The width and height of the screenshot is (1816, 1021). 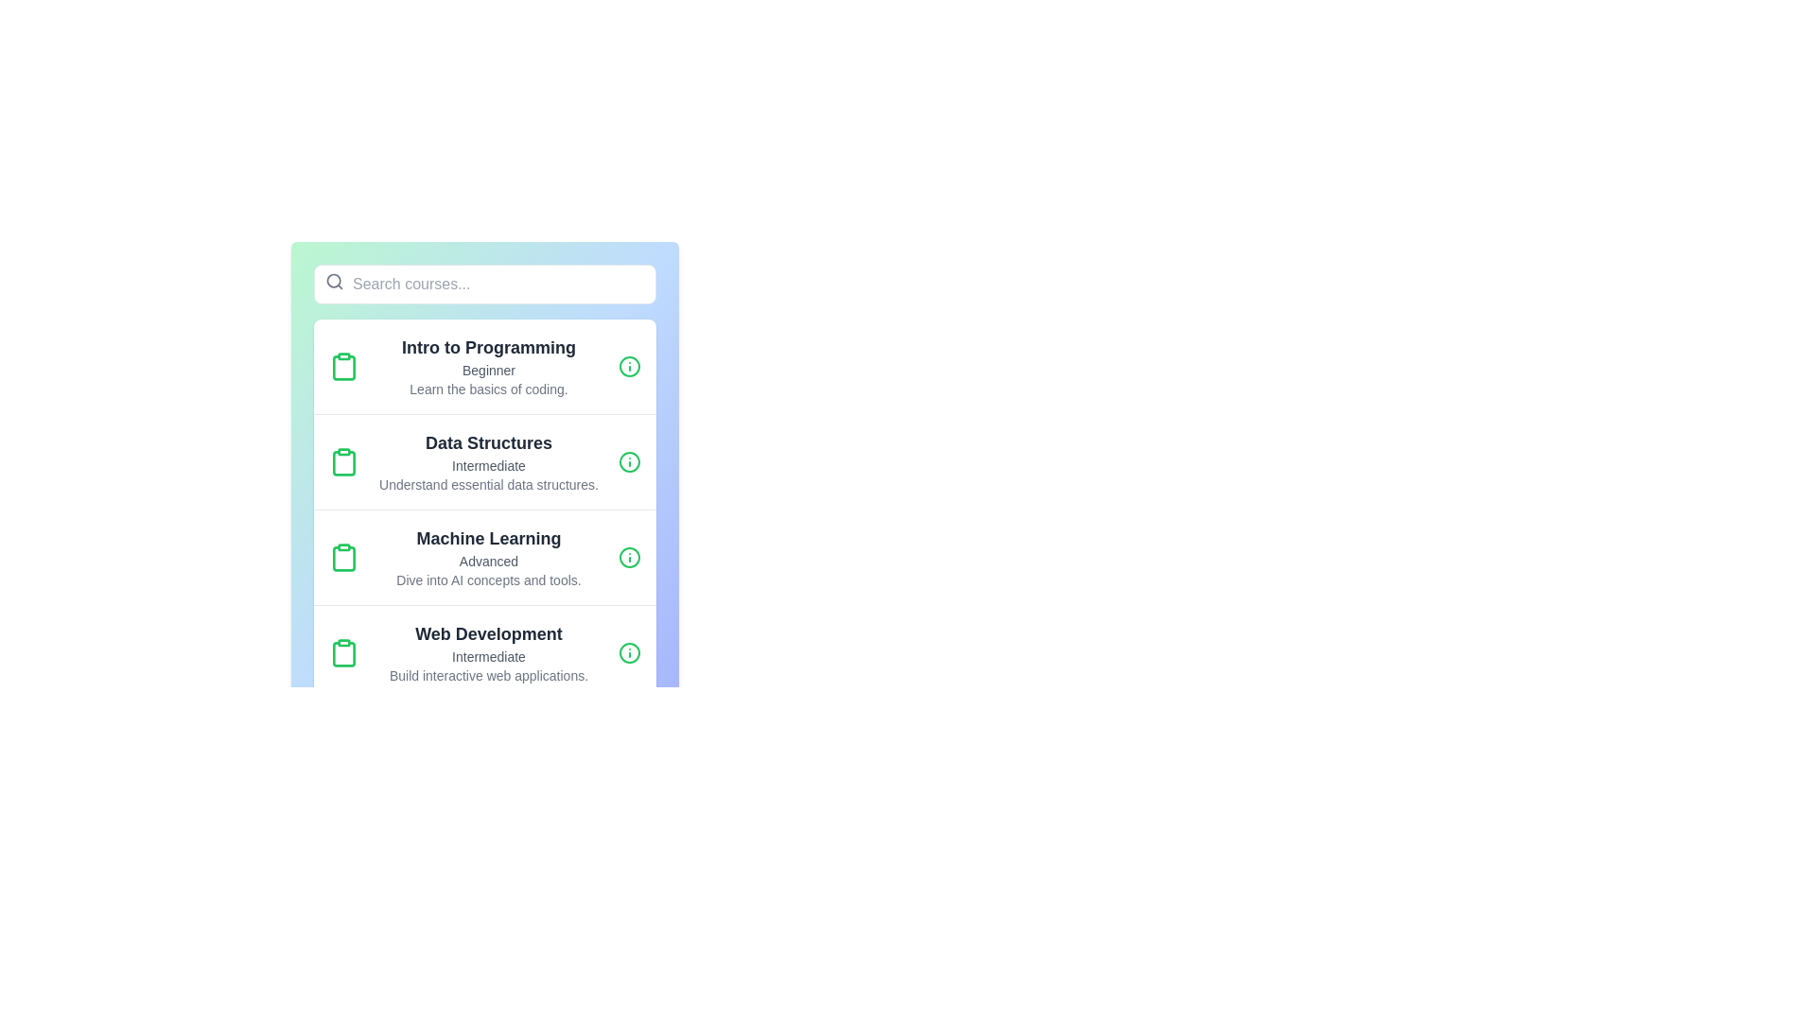 I want to click on the text display label 'Intro, so click(x=489, y=347).